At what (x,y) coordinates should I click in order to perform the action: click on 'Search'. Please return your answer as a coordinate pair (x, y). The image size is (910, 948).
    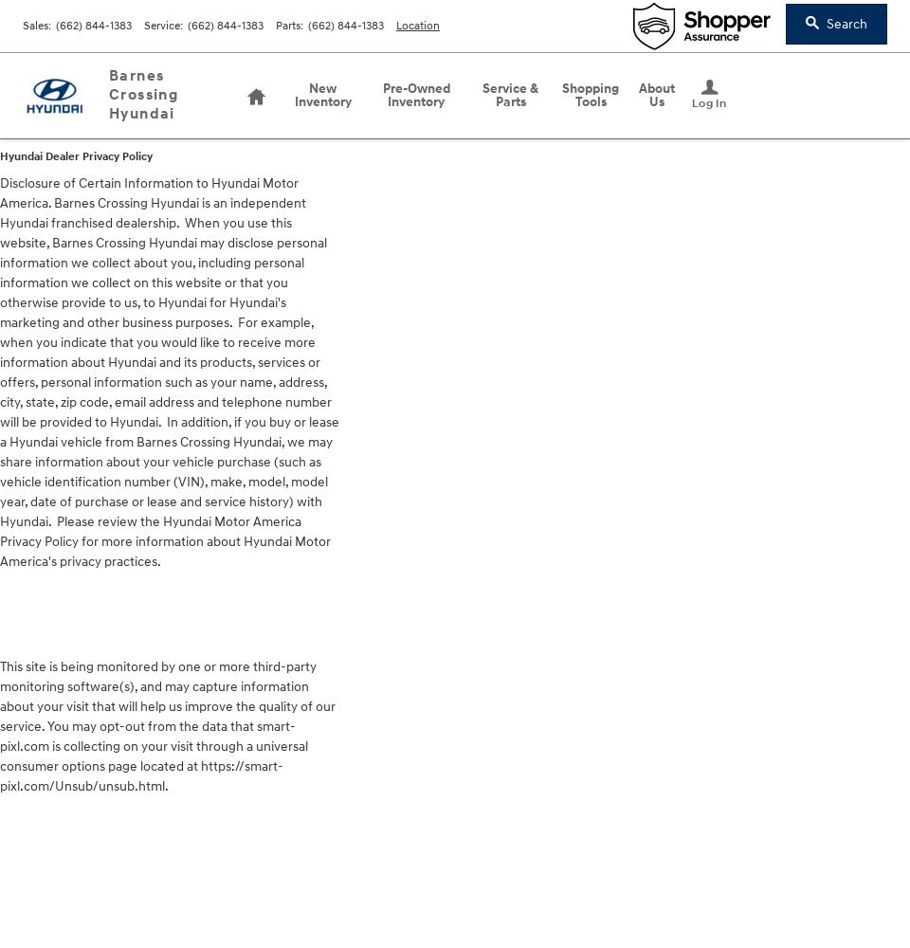
    Looking at the image, I should click on (825, 24).